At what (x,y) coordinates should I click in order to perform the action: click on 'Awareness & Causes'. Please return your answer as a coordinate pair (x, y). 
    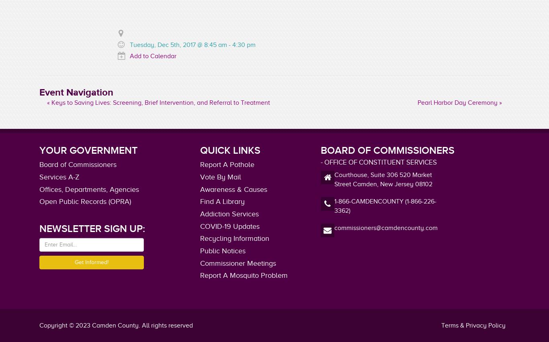
    Looking at the image, I should click on (233, 189).